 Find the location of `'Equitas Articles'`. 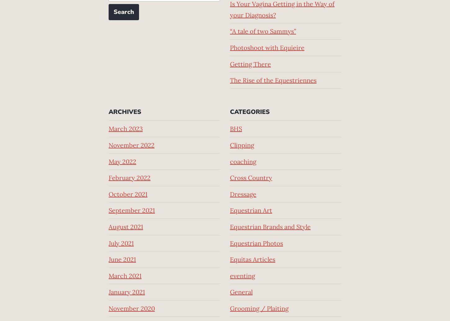

'Equitas Articles' is located at coordinates (253, 259).